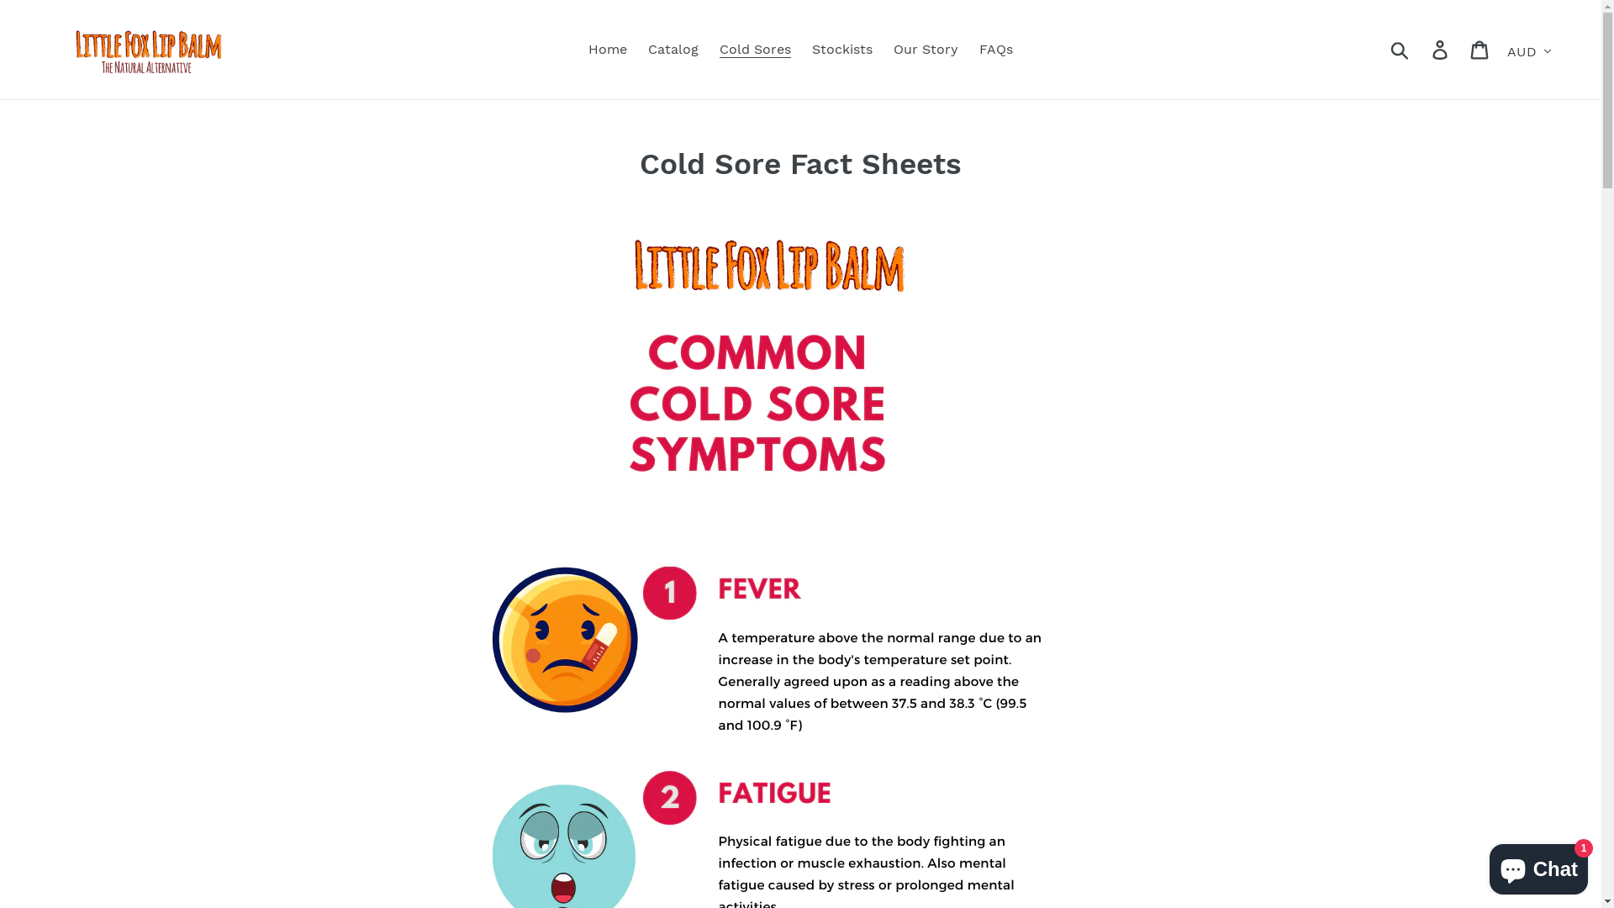  What do you see at coordinates (1420, 49) in the screenshot?
I see `'Log in'` at bounding box center [1420, 49].